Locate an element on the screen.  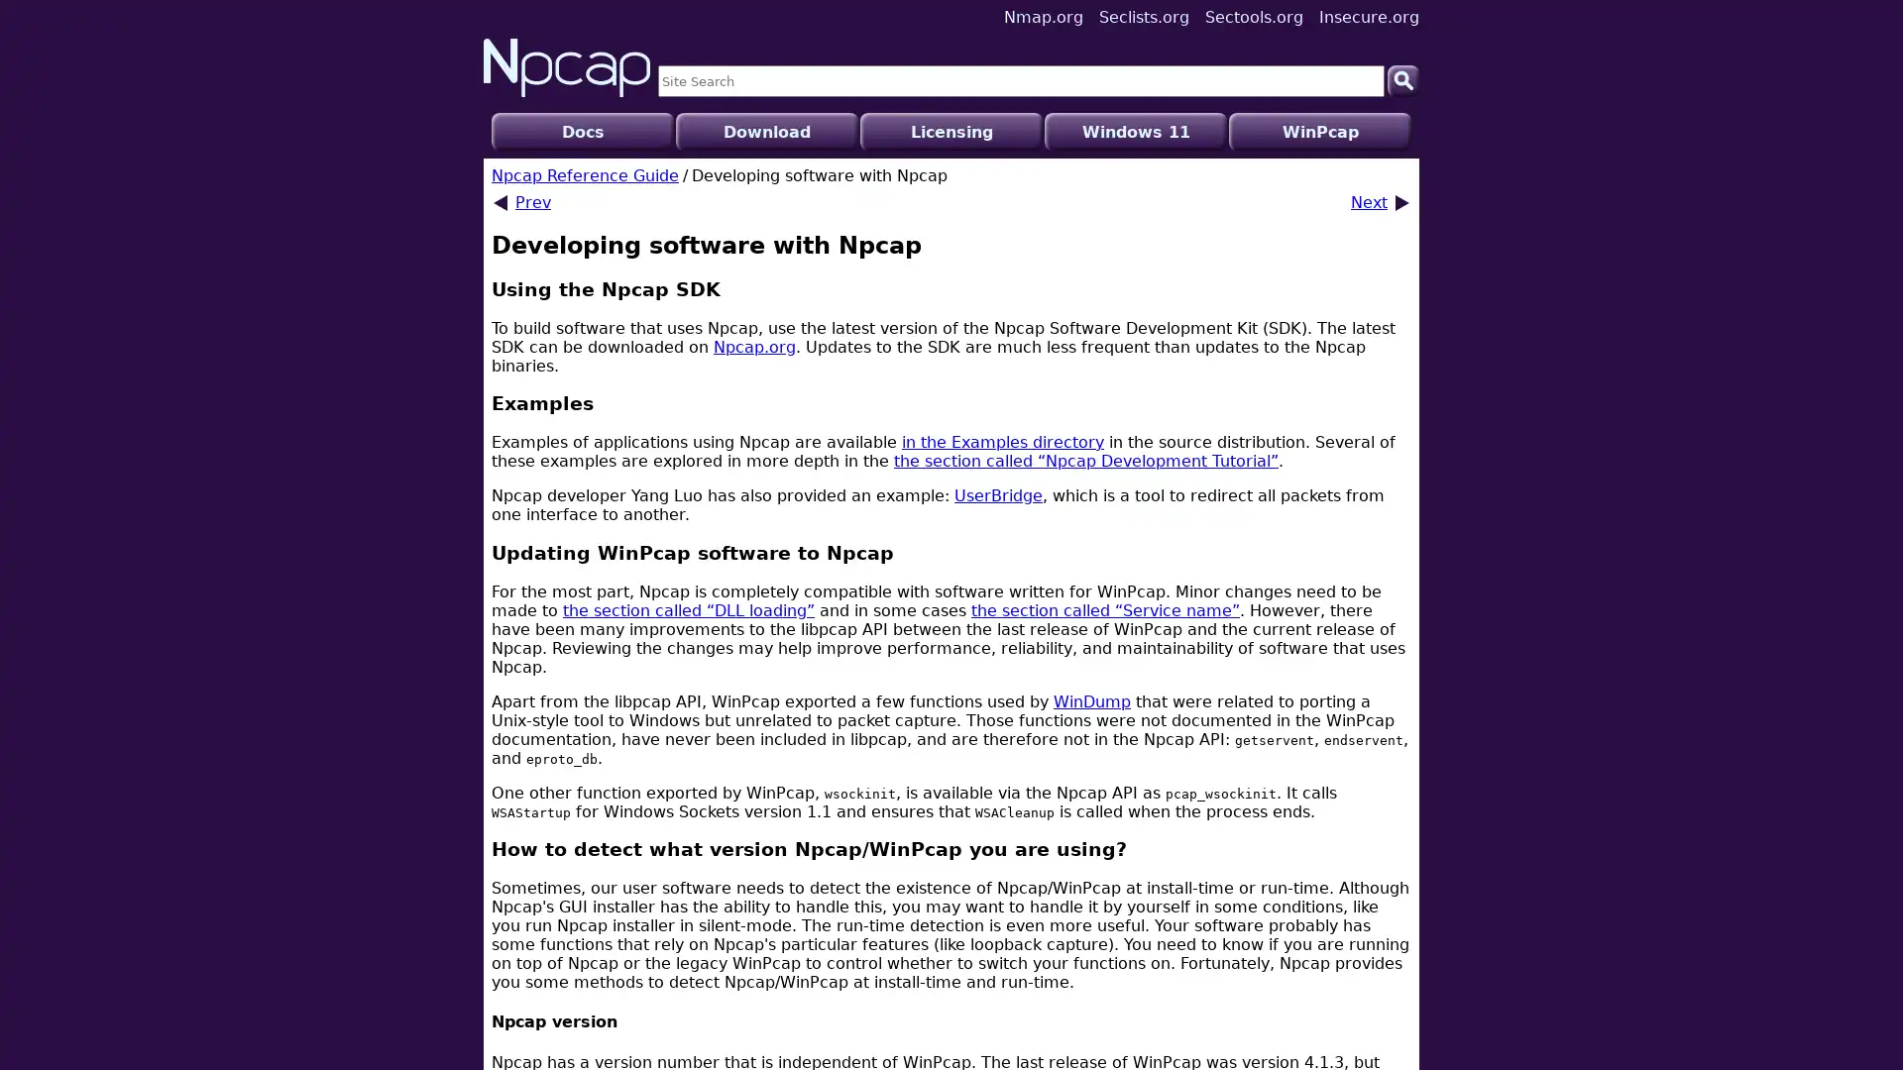
Search is located at coordinates (1402, 79).